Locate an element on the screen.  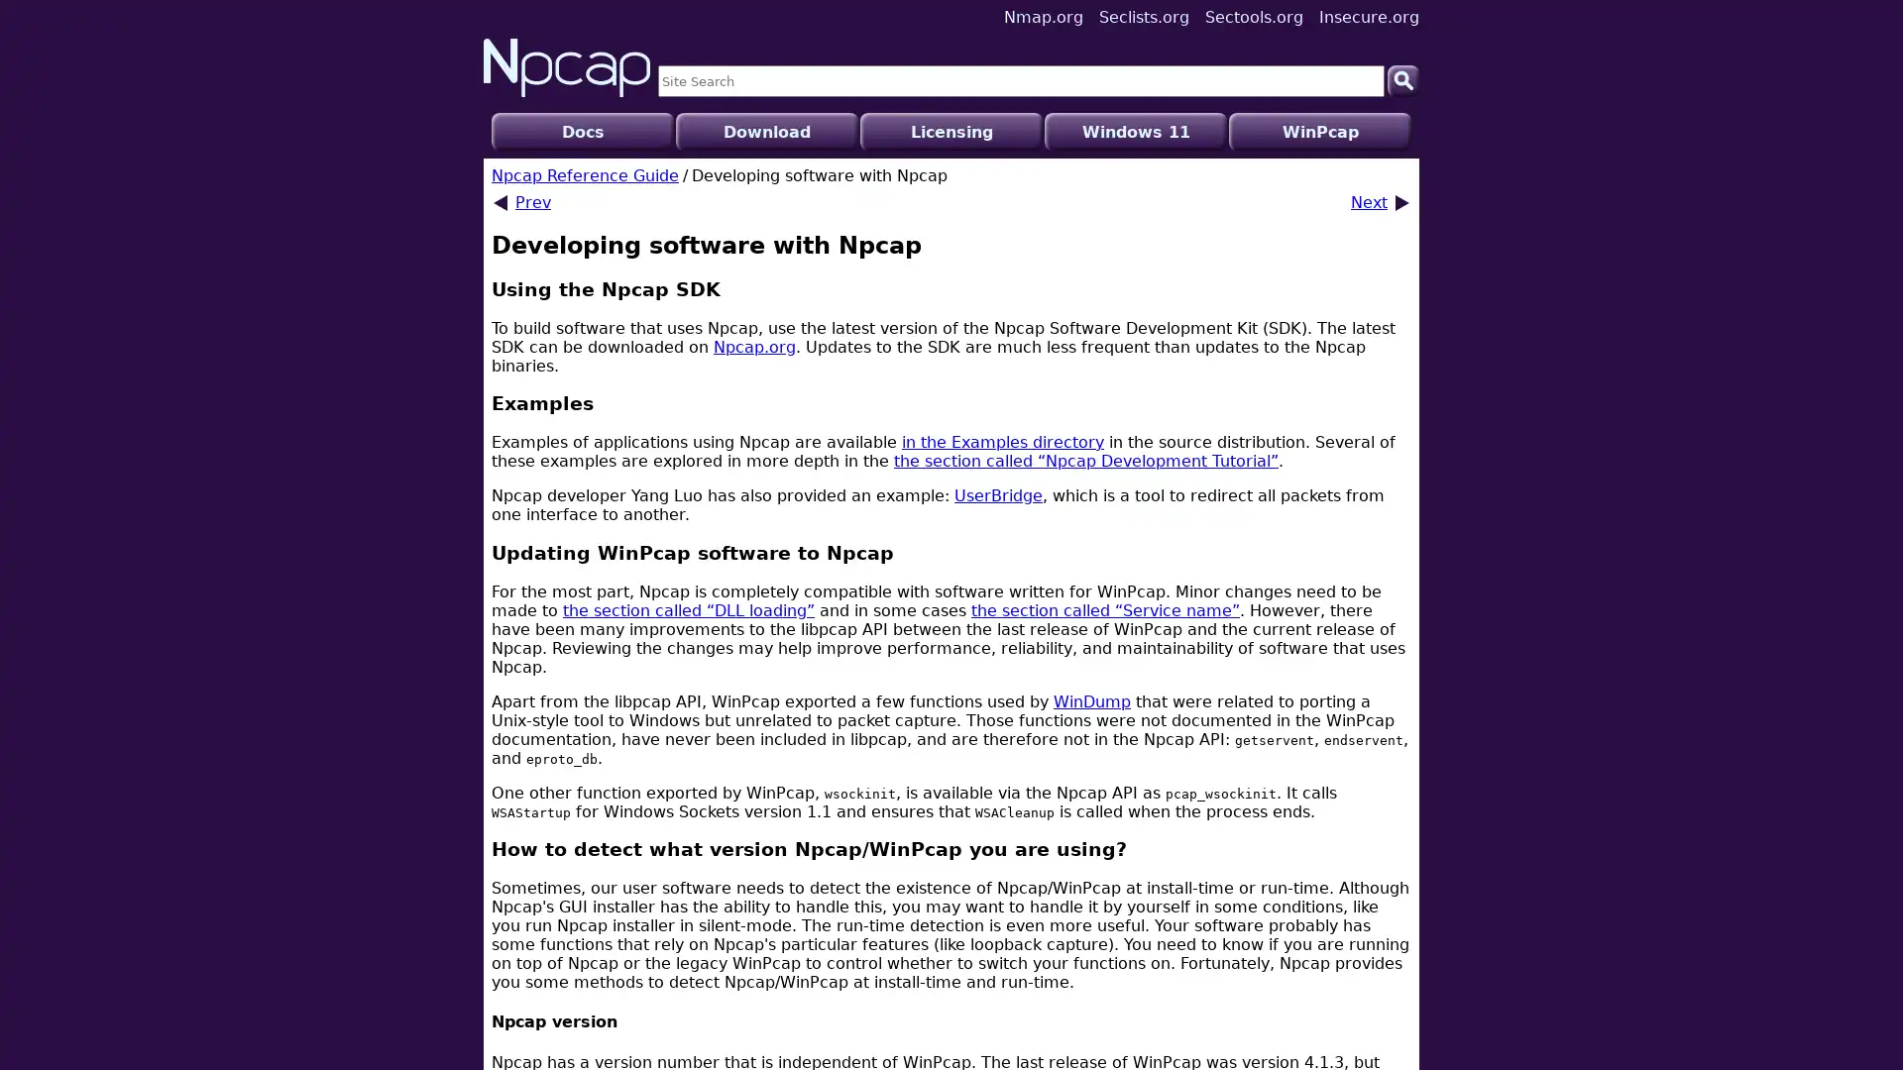
Search is located at coordinates (1402, 79).